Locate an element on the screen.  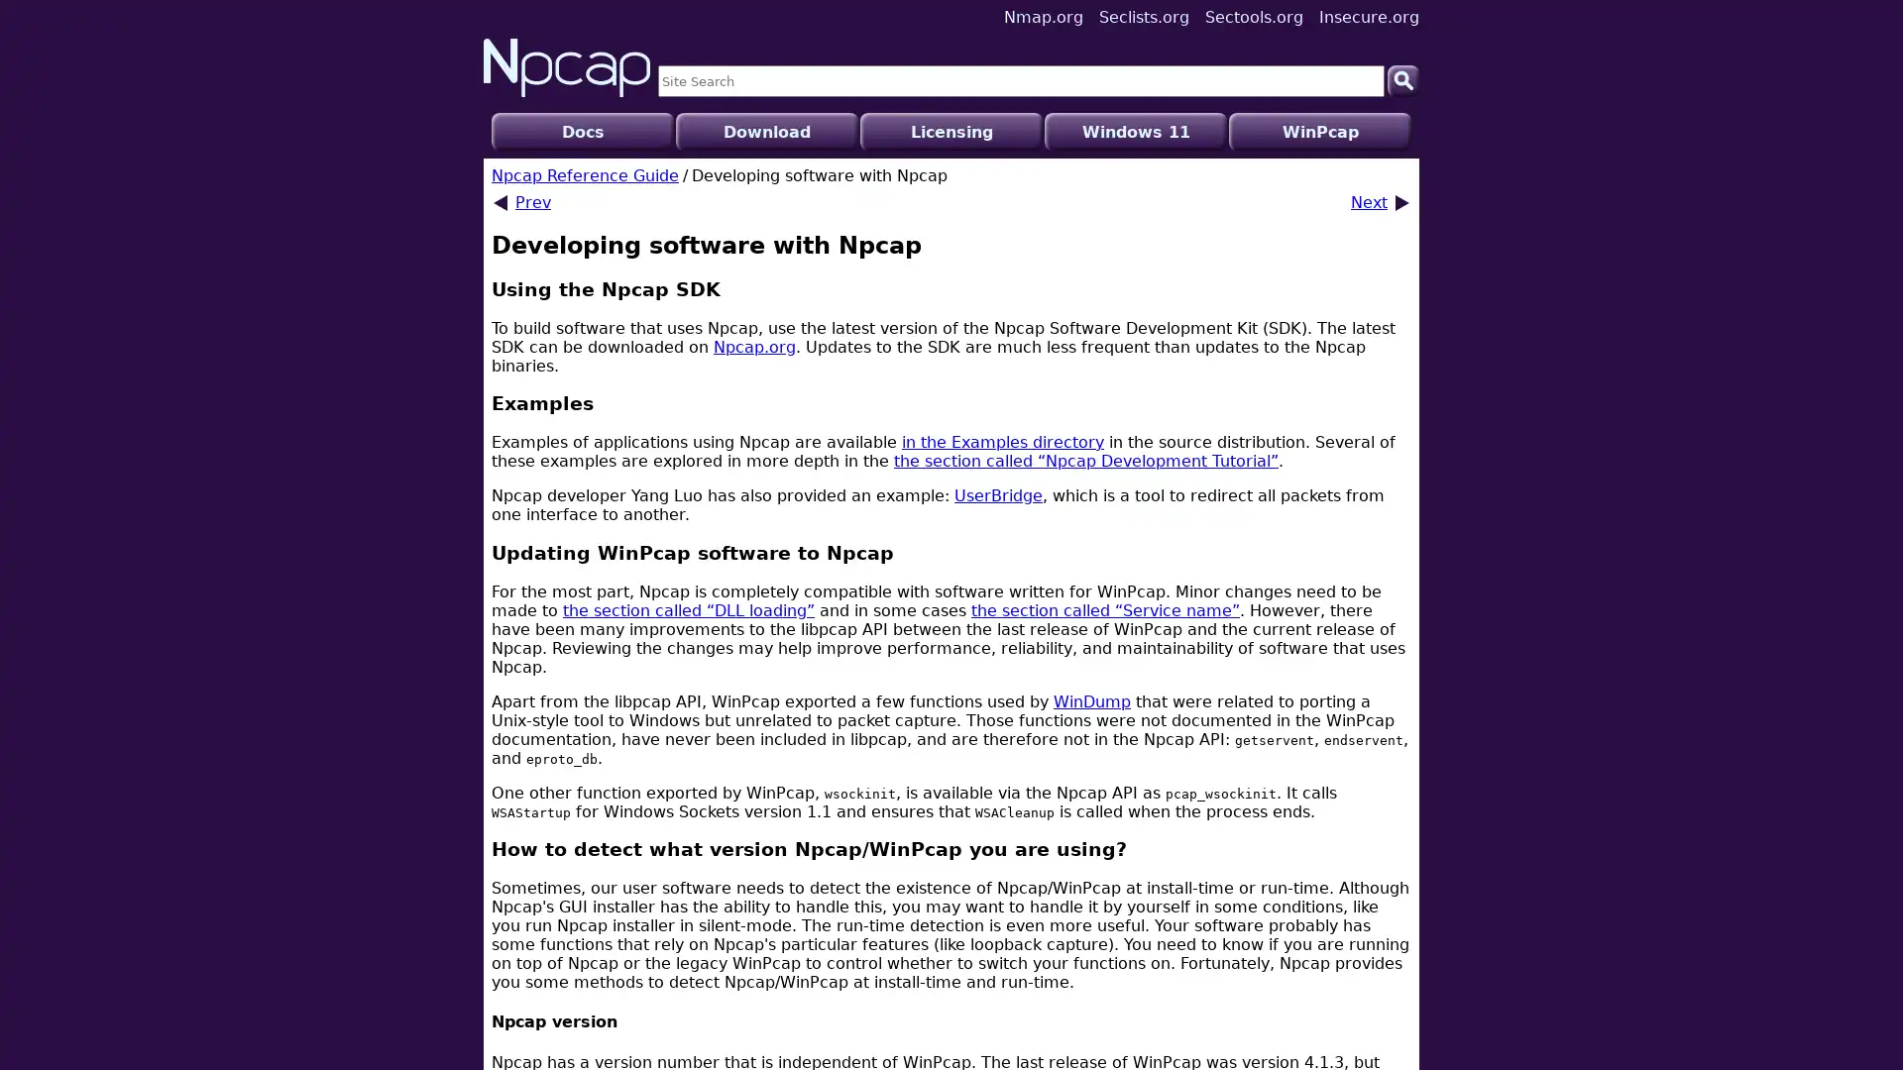
Search is located at coordinates (1402, 79).